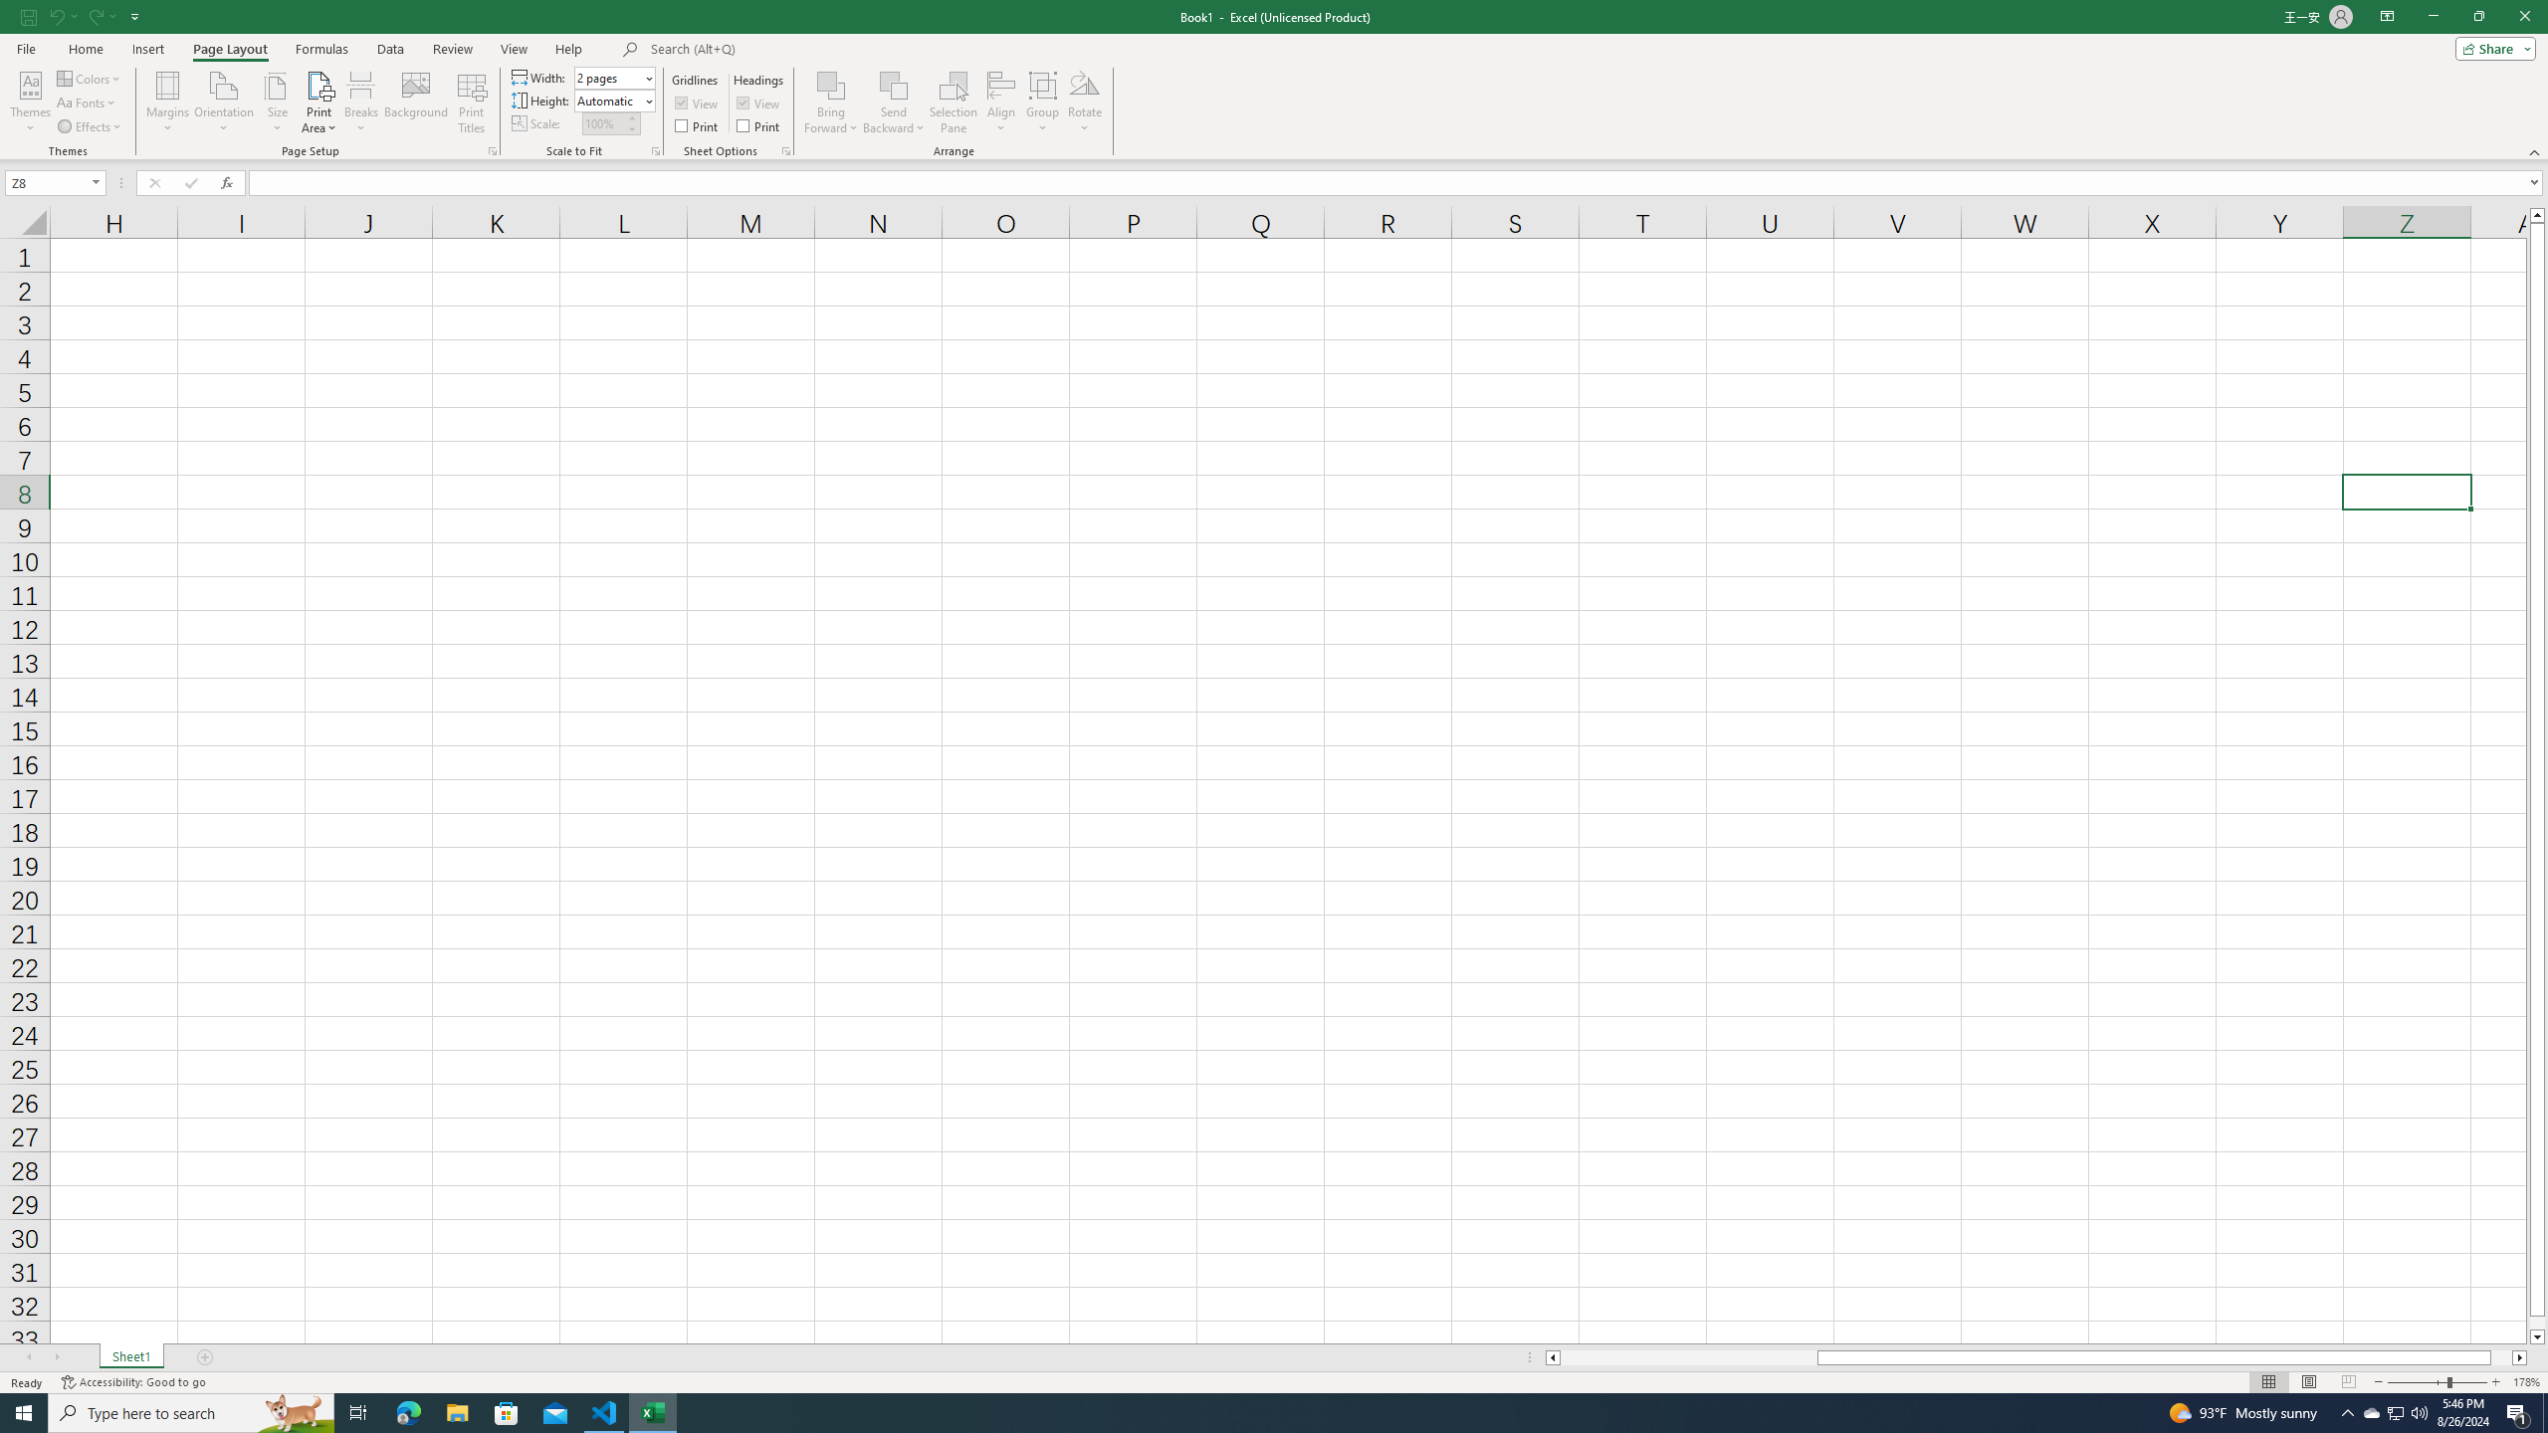 This screenshot has width=2548, height=1433. Describe the element at coordinates (893, 84) in the screenshot. I see `'Send Backward'` at that location.